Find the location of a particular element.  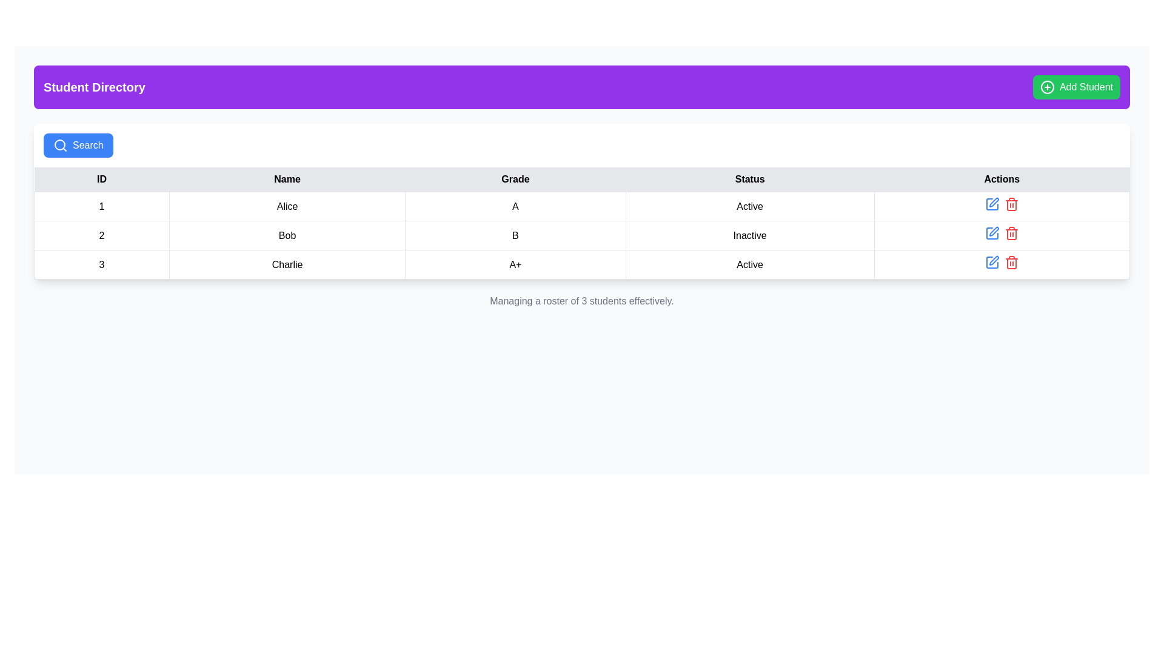

the edit button located in the 'Actions' column of the second row in the table to initiate editing is located at coordinates (992, 233).